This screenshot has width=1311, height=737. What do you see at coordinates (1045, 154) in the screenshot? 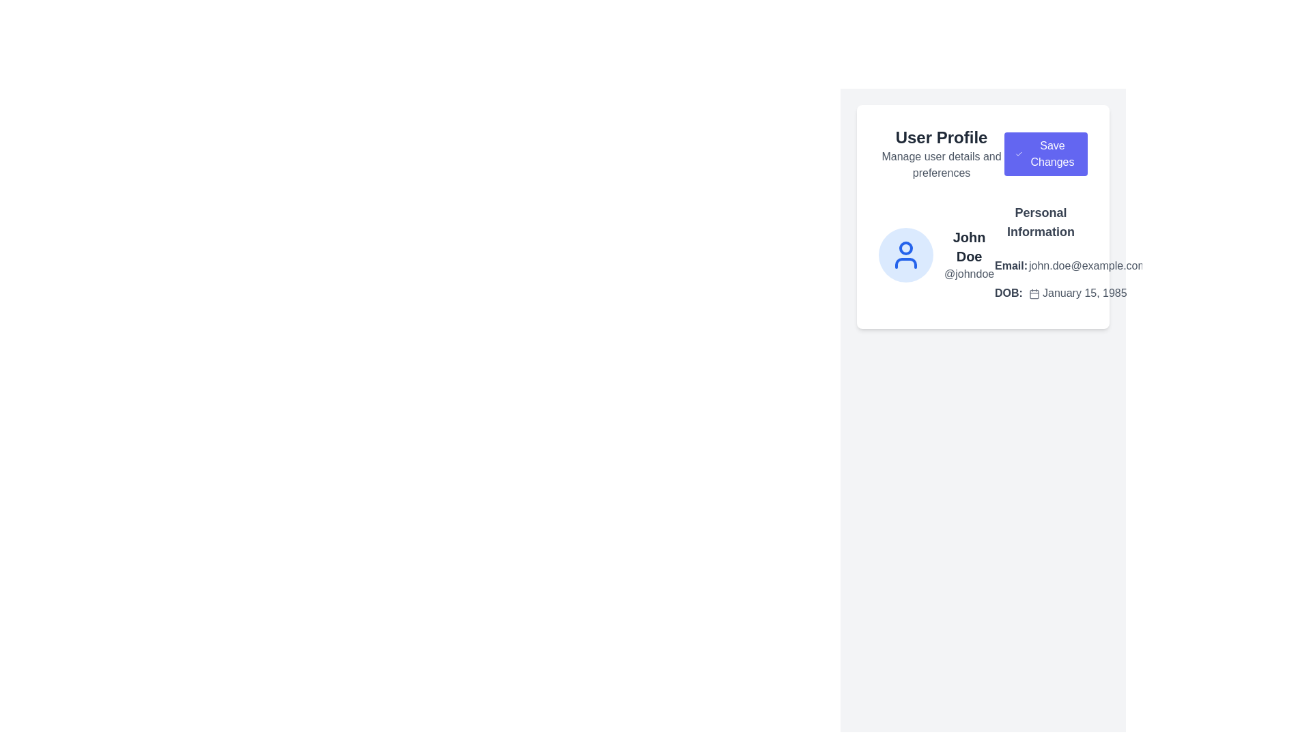
I see `the save changes button located at the top-right corner of the user profile card to change its appearance` at bounding box center [1045, 154].